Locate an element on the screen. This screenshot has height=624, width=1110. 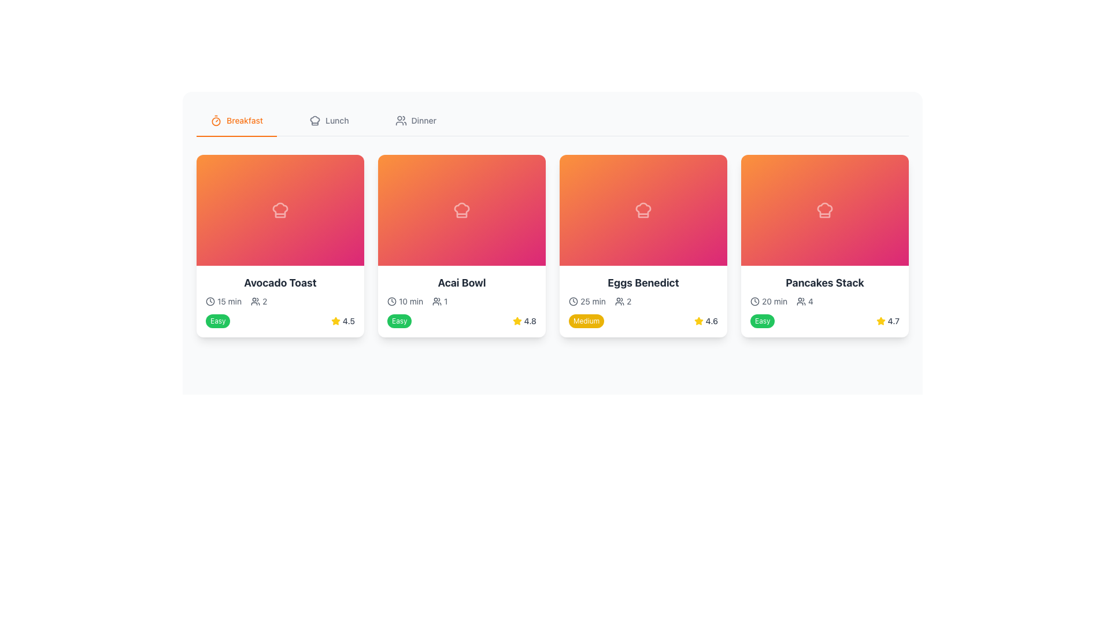
the central icon within the first recipe card on the left, which visually represents the recipe category or theme is located at coordinates (280, 210).